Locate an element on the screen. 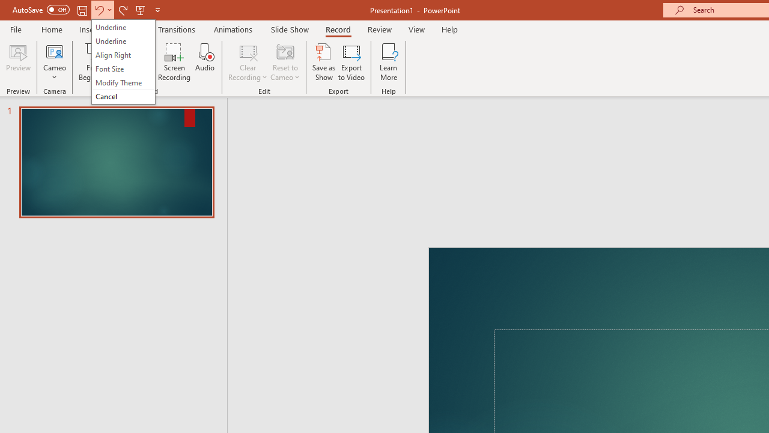  'Learn More' is located at coordinates (389, 62).